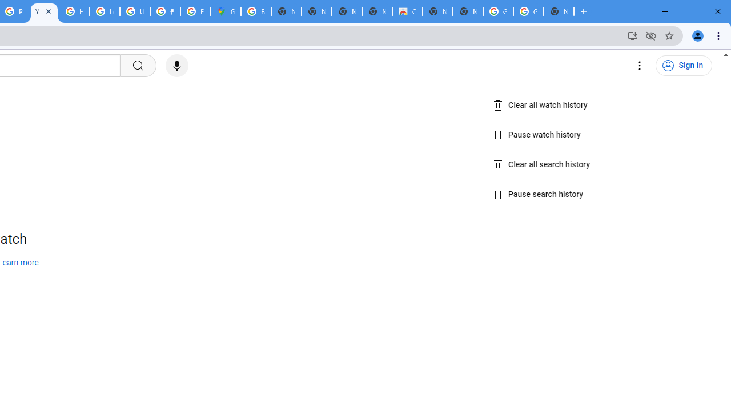 The height and width of the screenshot is (411, 731). I want to click on 'Explore new street-level details - Google Maps Help', so click(195, 11).